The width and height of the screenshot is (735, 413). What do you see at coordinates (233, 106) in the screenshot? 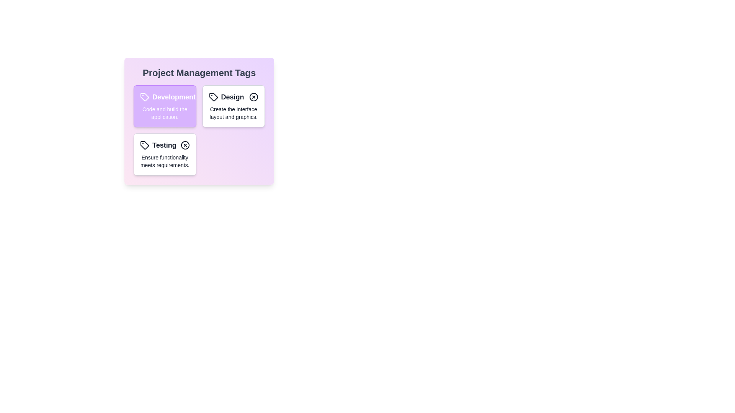
I see `the Design tag to toggle its active state` at bounding box center [233, 106].